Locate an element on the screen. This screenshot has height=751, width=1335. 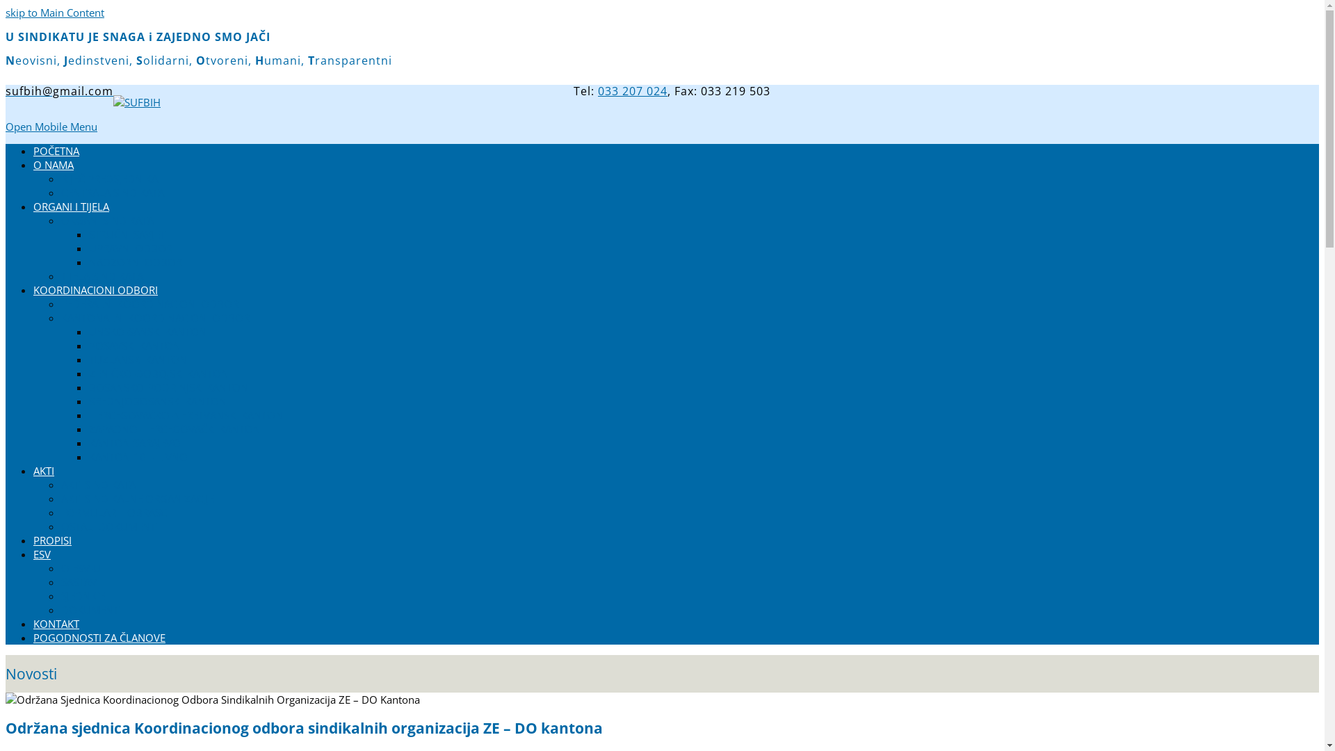
'PROPISI' is located at coordinates (52, 539).